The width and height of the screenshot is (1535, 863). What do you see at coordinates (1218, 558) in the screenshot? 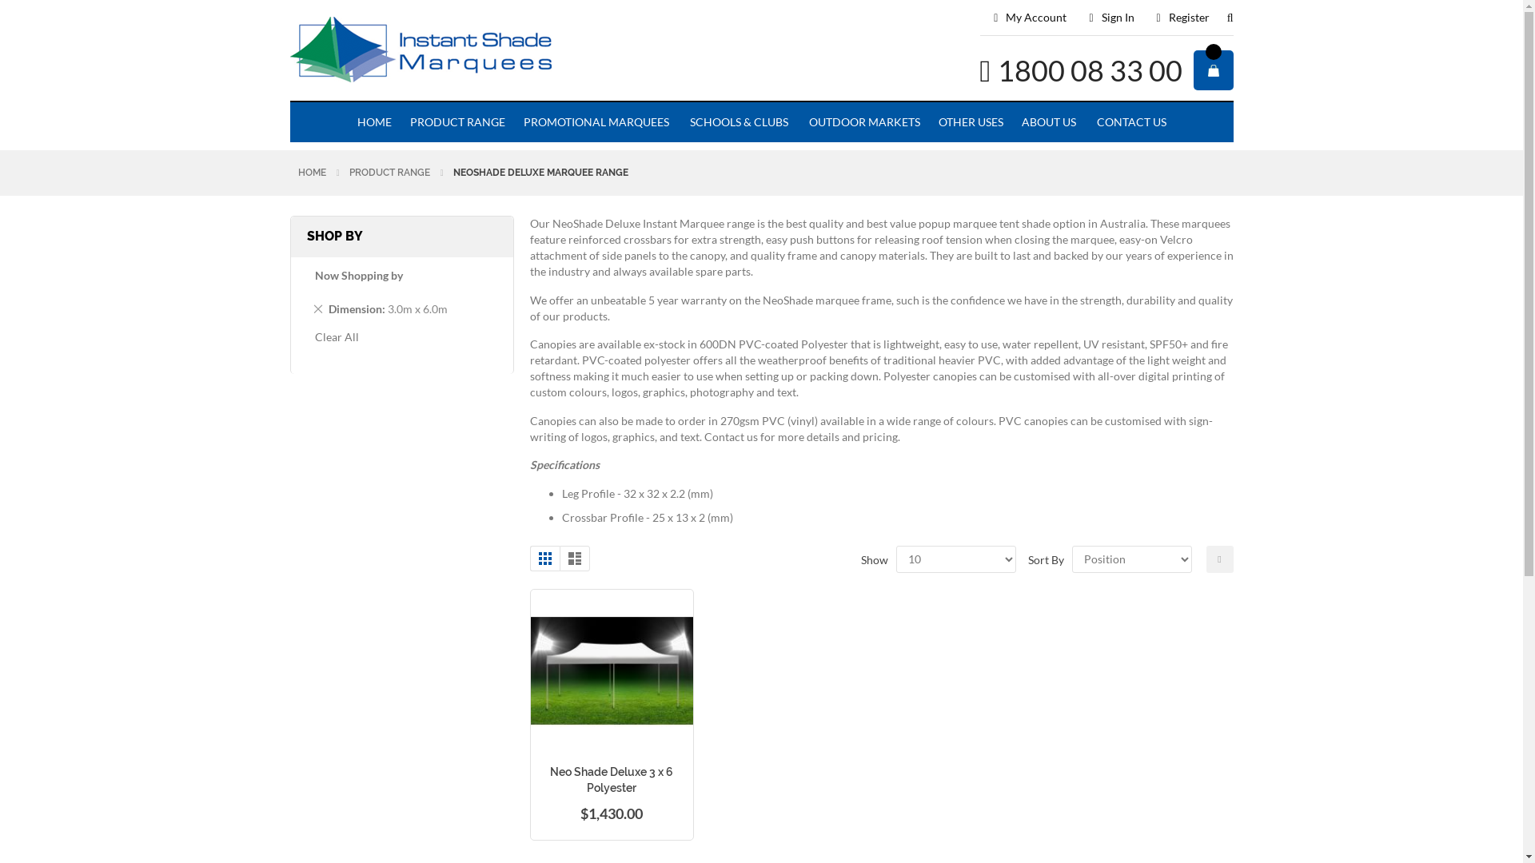
I see `'Set Descending Direction'` at bounding box center [1218, 558].